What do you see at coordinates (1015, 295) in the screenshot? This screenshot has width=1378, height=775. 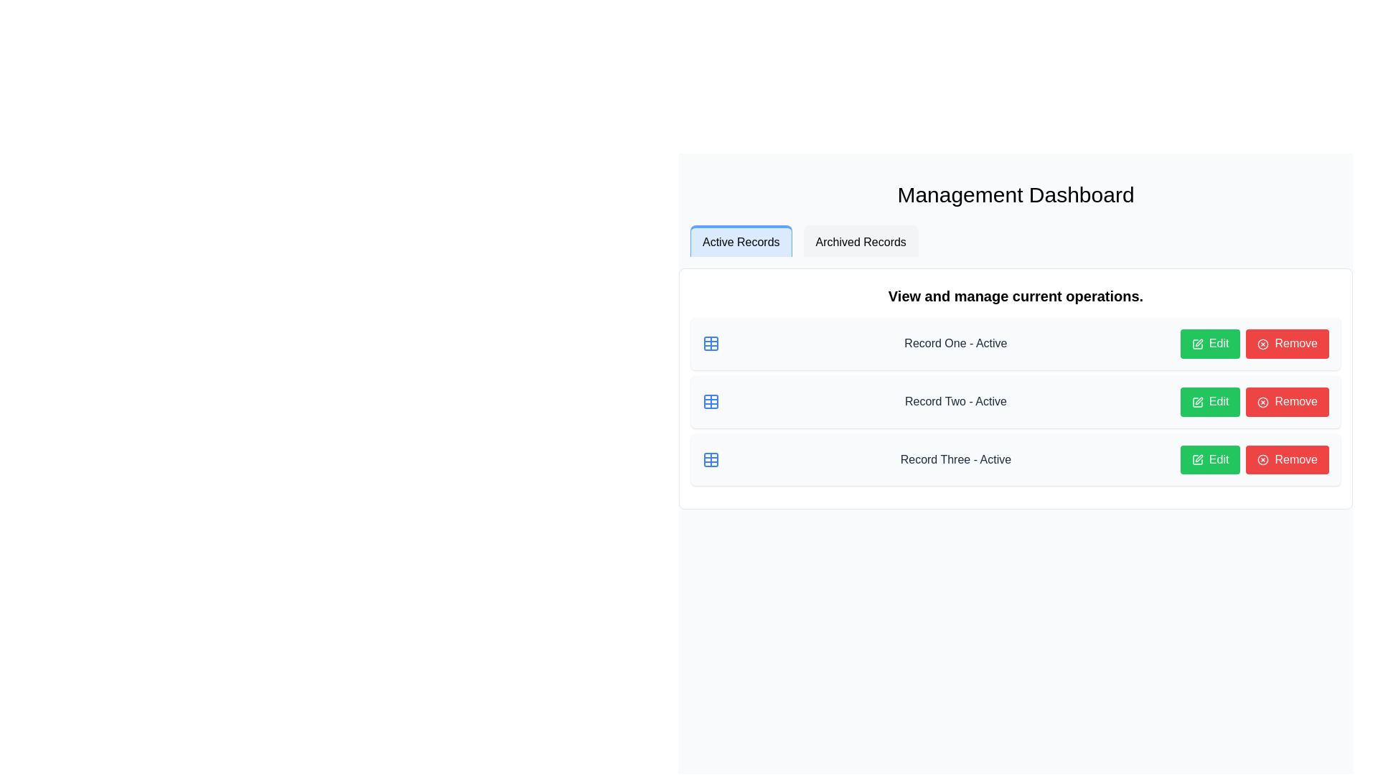 I see `the text header that states 'View and manage current operations', which is styled in a large font and positioned at the top of the panel` at bounding box center [1015, 295].